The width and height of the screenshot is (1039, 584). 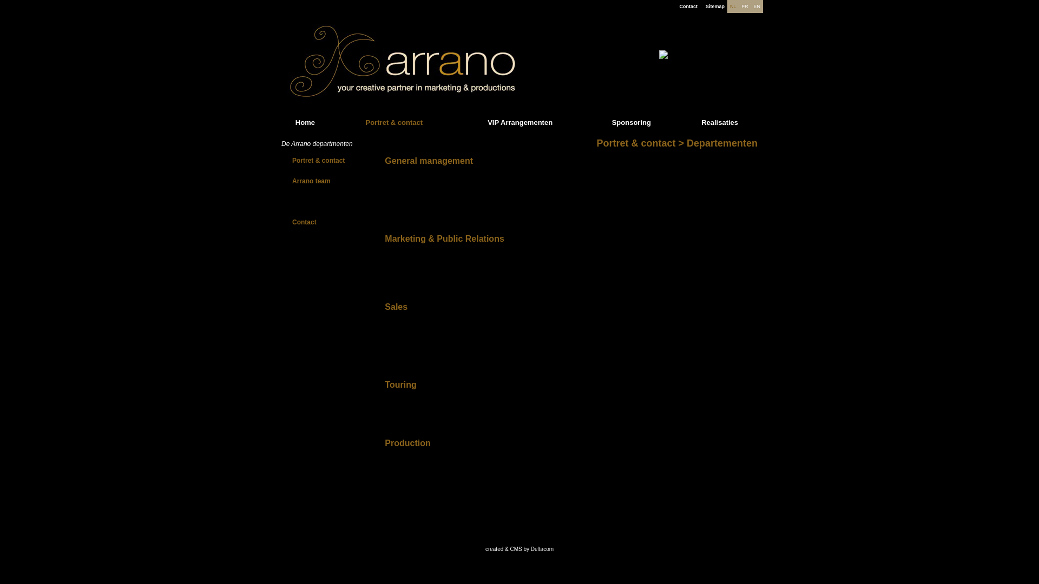 What do you see at coordinates (519, 122) in the screenshot?
I see `'VIP Arrangementen'` at bounding box center [519, 122].